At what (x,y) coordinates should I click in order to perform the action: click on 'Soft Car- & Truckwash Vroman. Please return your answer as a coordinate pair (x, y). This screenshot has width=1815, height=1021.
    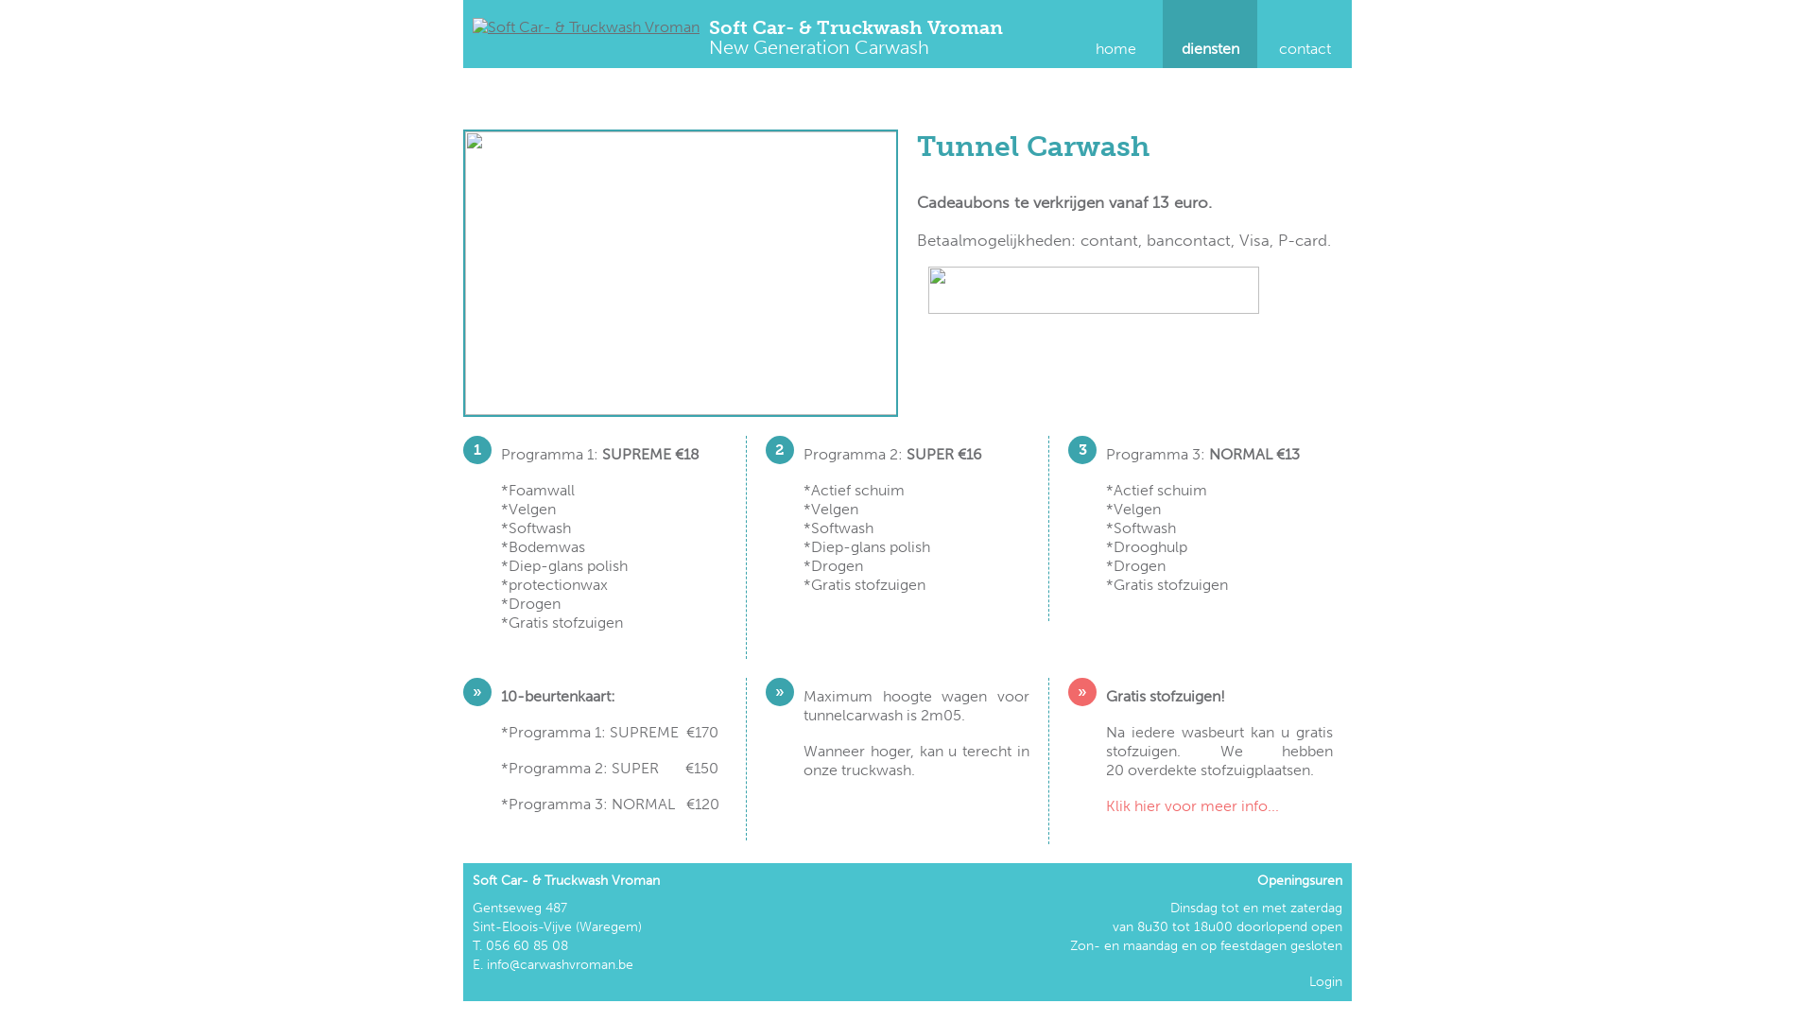
    Looking at the image, I should click on (855, 39).